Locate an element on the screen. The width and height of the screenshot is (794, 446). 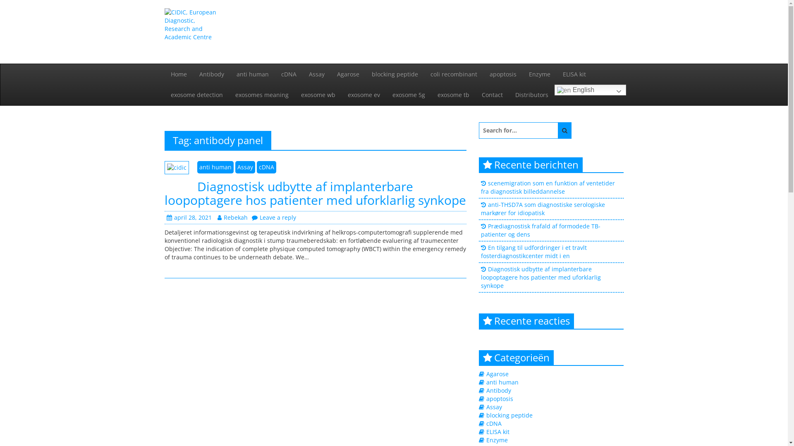
'Antibody' is located at coordinates (498, 390).